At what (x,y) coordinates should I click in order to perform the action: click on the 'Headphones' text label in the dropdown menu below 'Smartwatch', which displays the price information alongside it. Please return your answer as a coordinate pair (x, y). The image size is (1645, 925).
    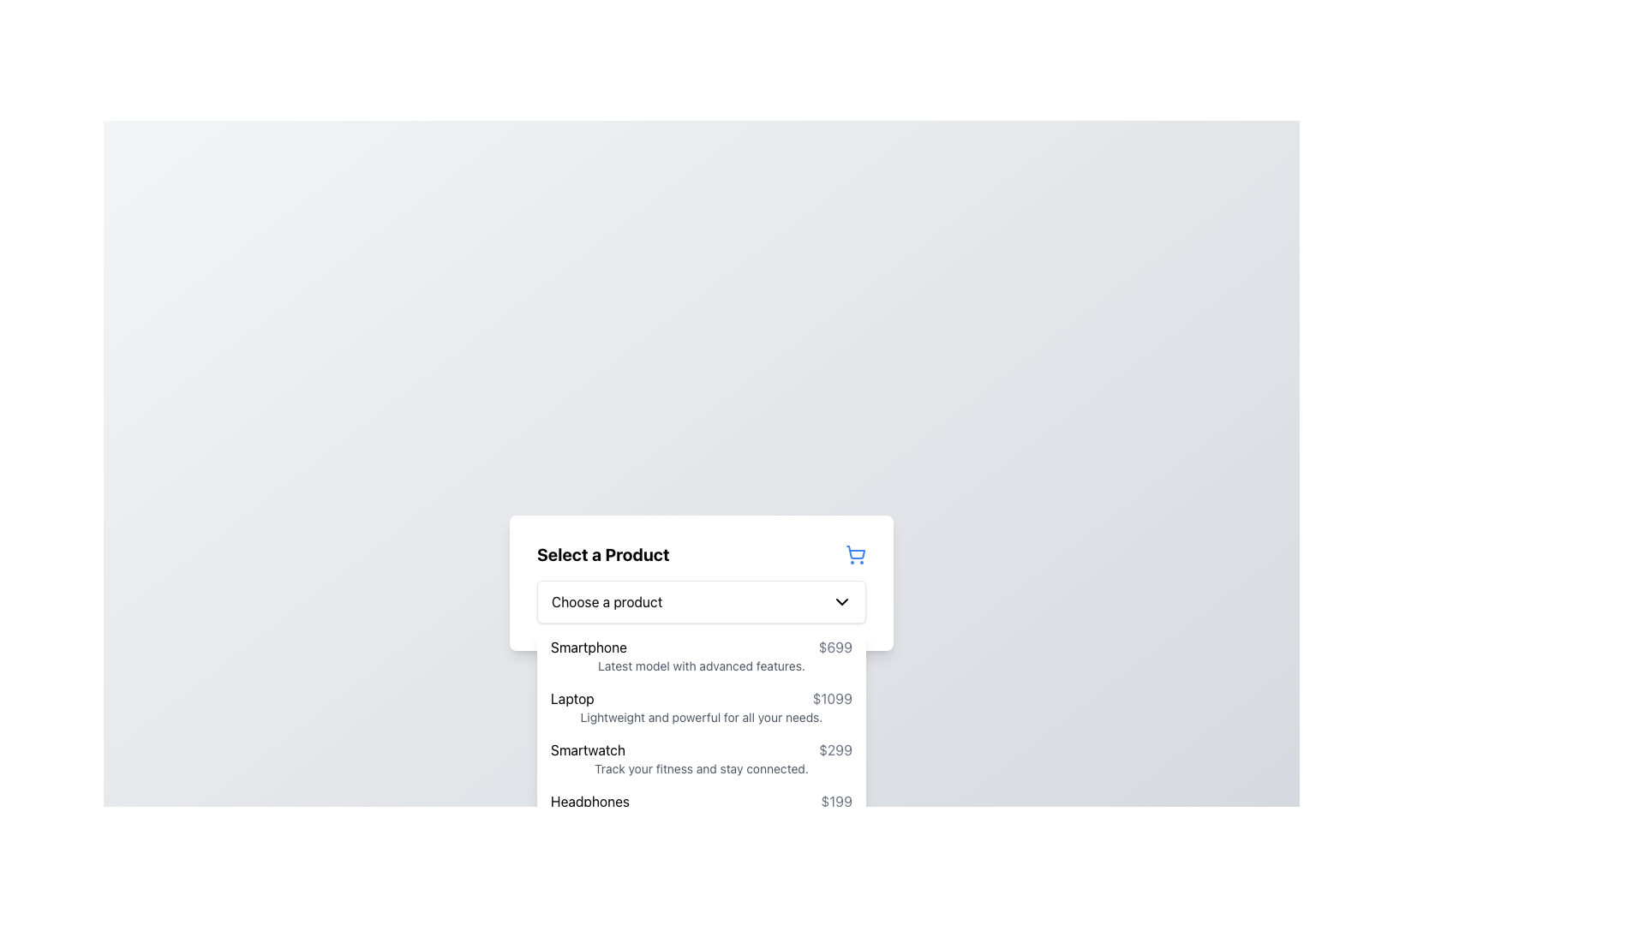
    Looking at the image, I should click on (590, 802).